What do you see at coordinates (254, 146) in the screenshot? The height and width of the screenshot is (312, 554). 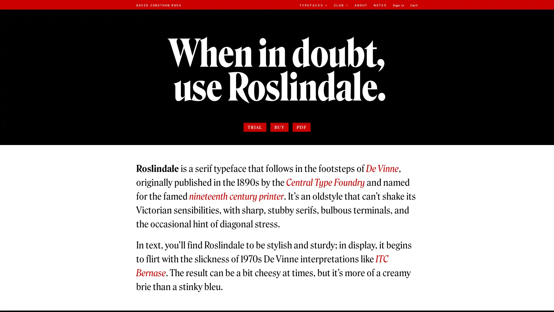 I see `Trial` at bounding box center [254, 146].